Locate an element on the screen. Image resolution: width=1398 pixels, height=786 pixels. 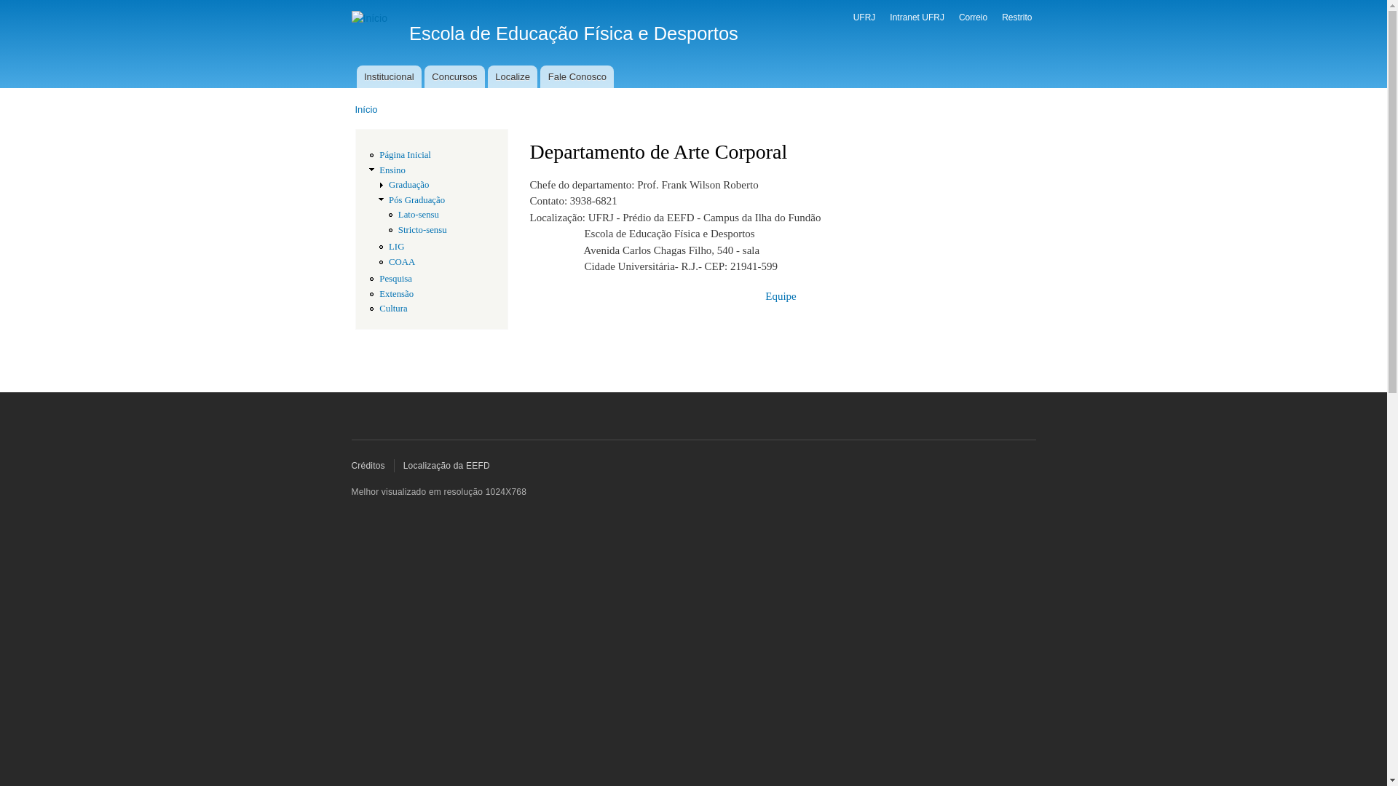
'Pesquisa' is located at coordinates (395, 278).